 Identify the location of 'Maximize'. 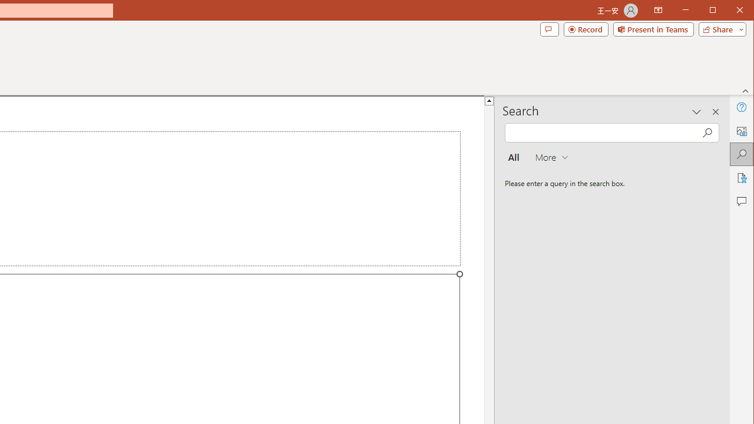
(729, 11).